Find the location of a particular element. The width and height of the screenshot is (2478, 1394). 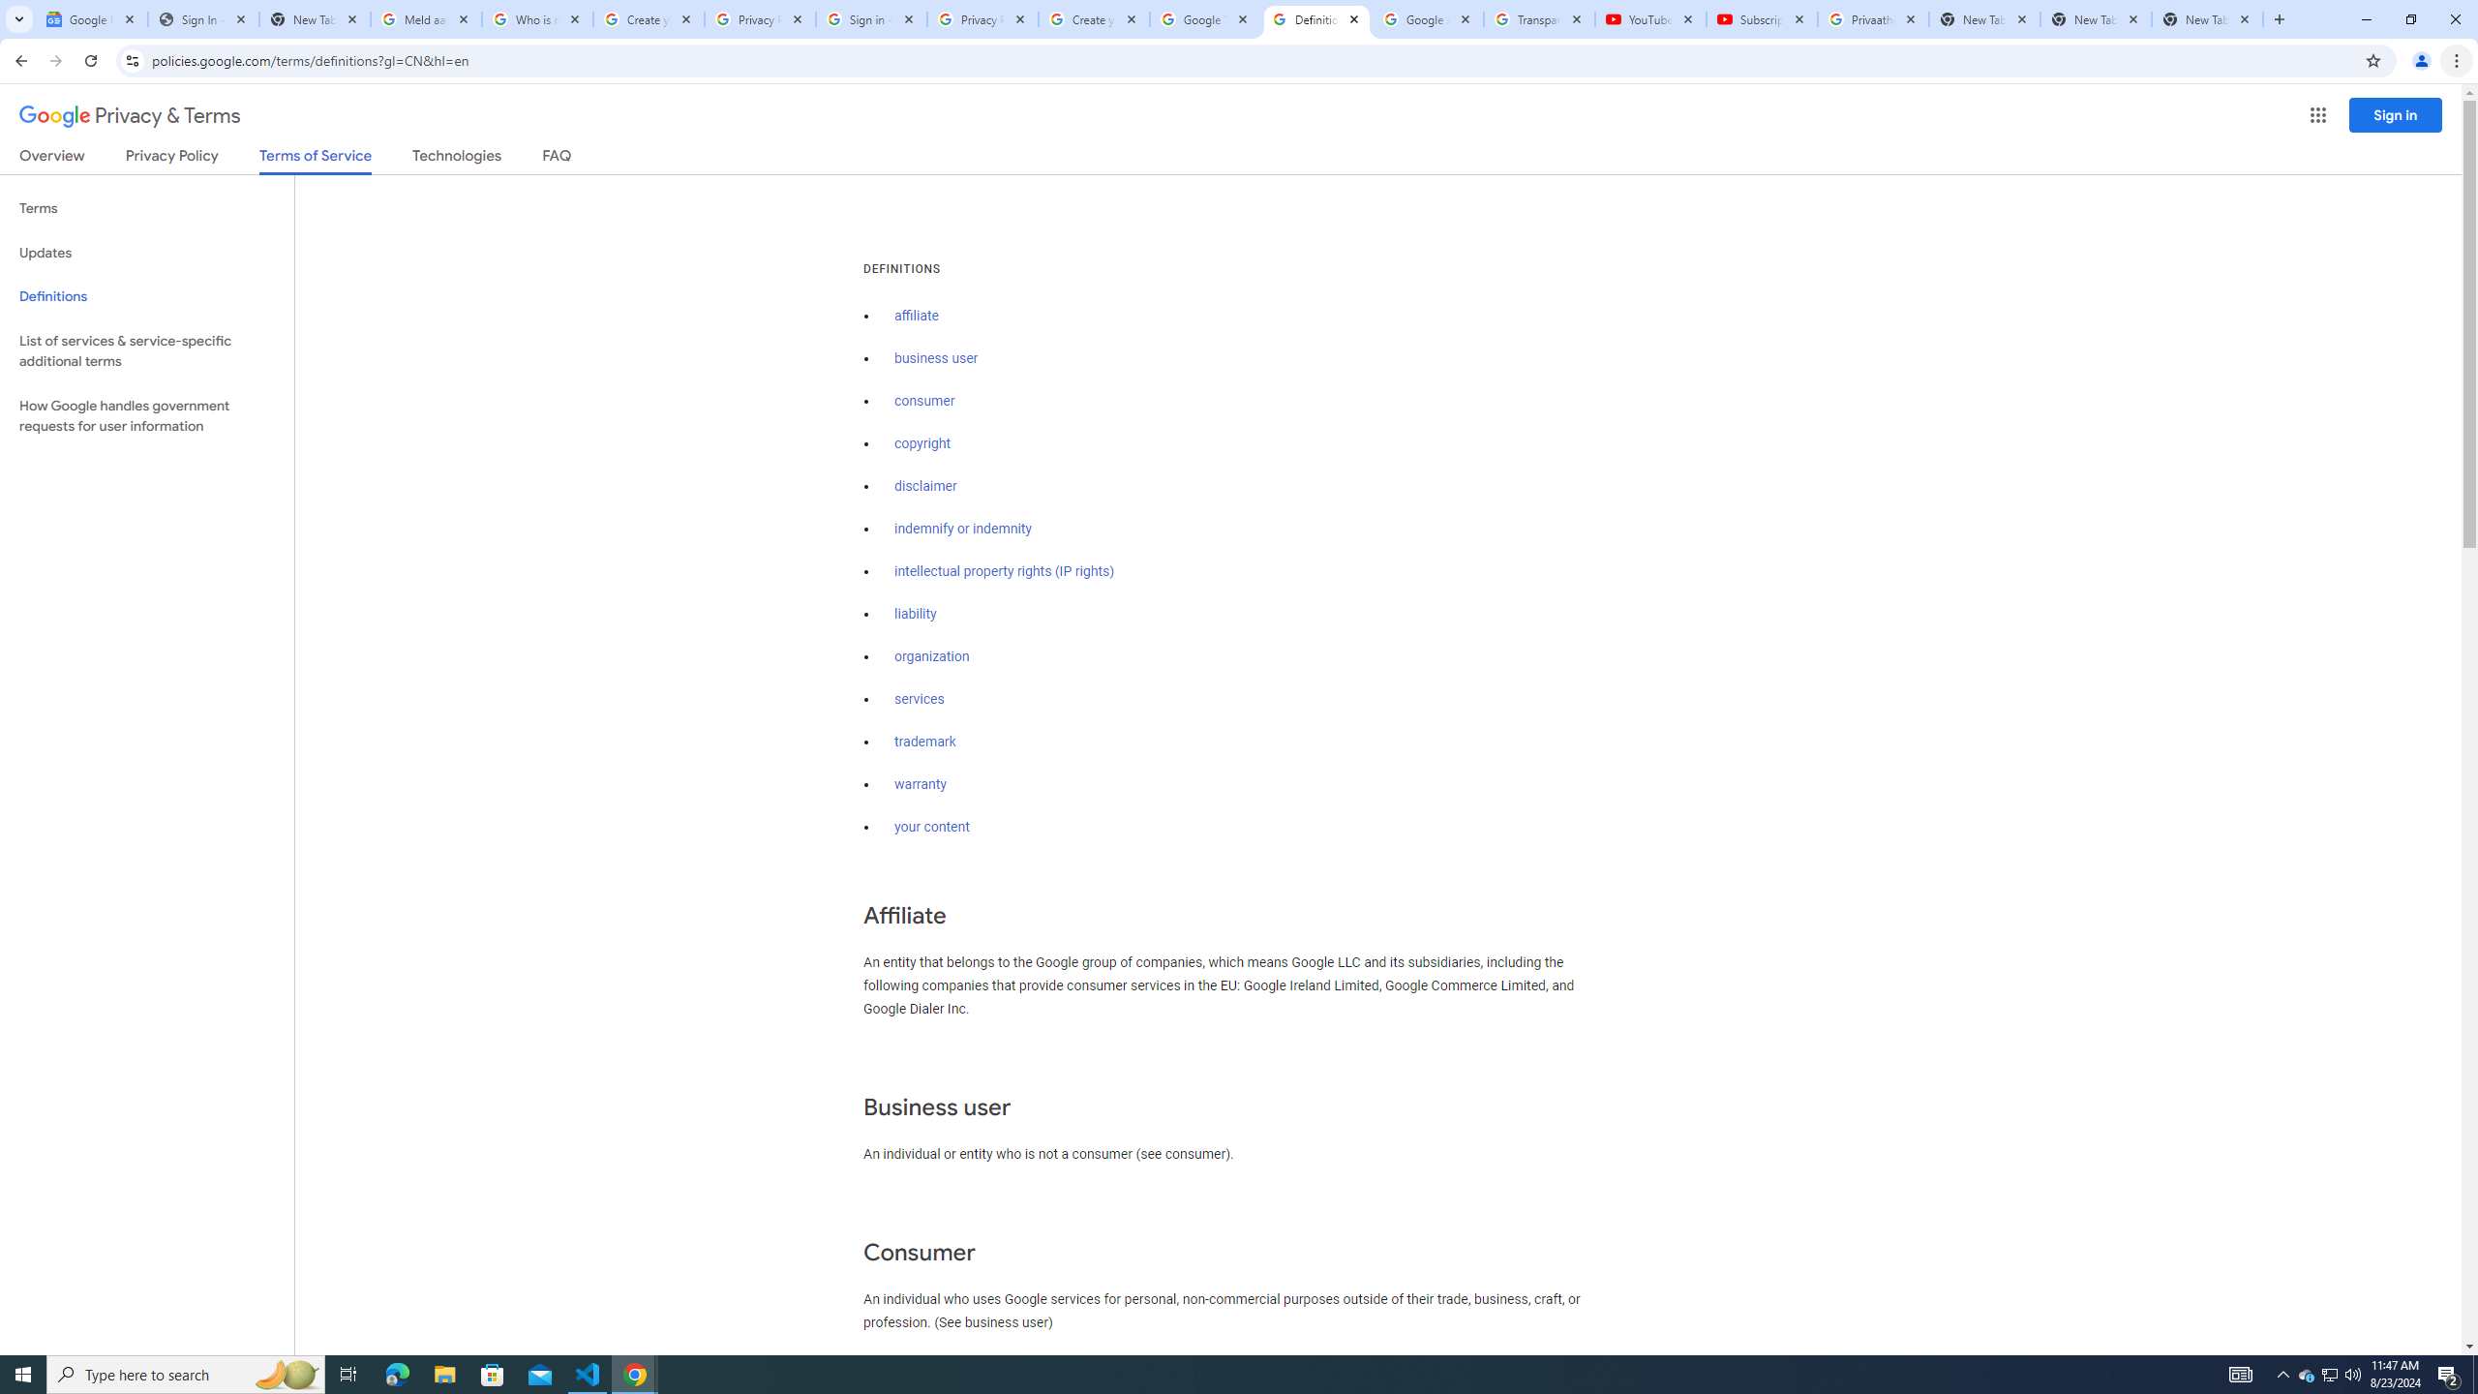

'affiliate' is located at coordinates (916, 315).